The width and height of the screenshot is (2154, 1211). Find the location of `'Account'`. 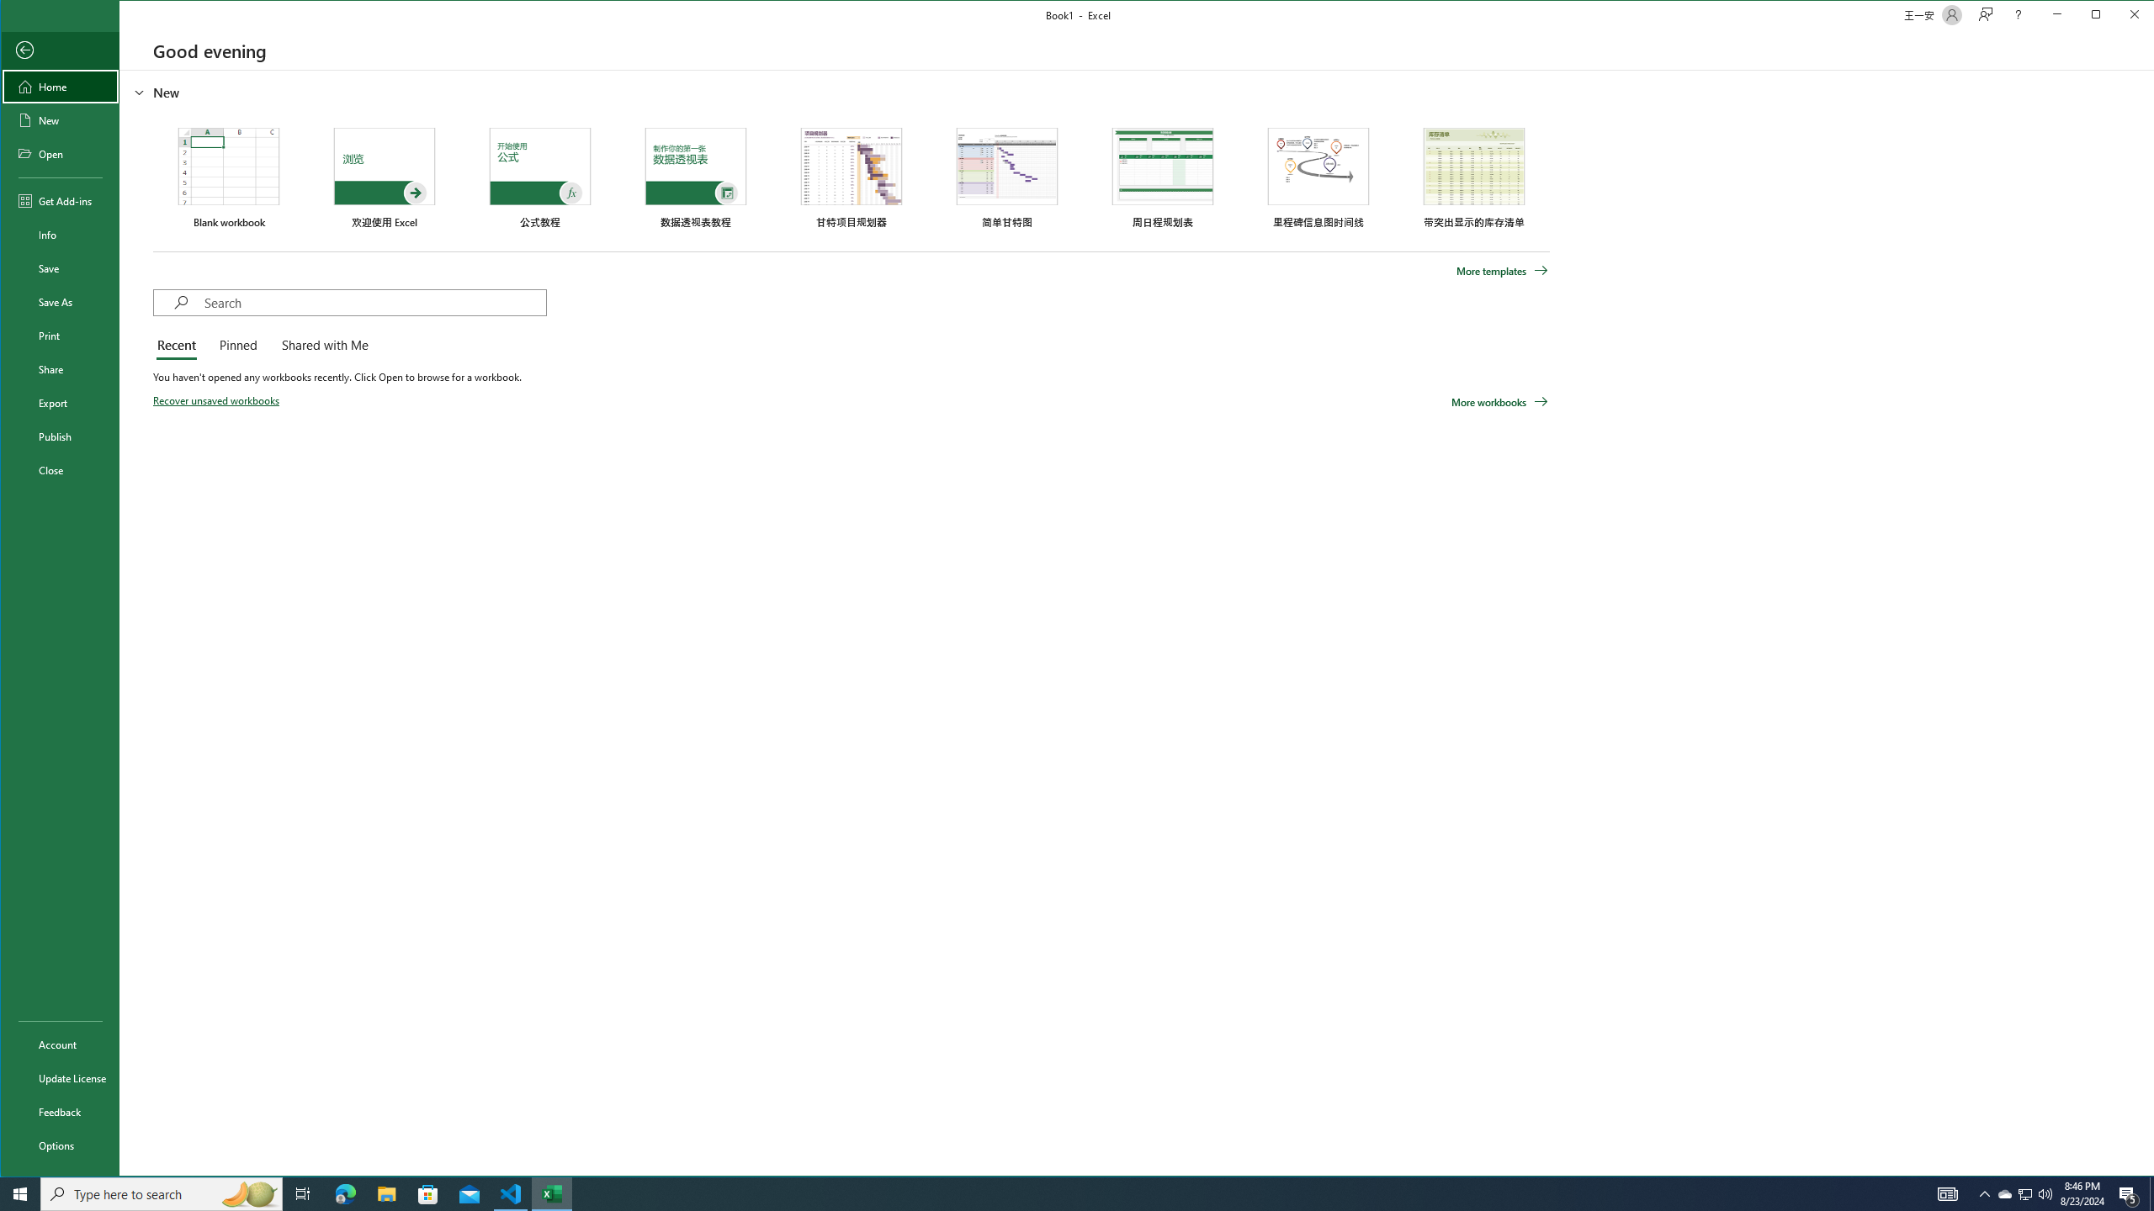

'Account' is located at coordinates (59, 1044).